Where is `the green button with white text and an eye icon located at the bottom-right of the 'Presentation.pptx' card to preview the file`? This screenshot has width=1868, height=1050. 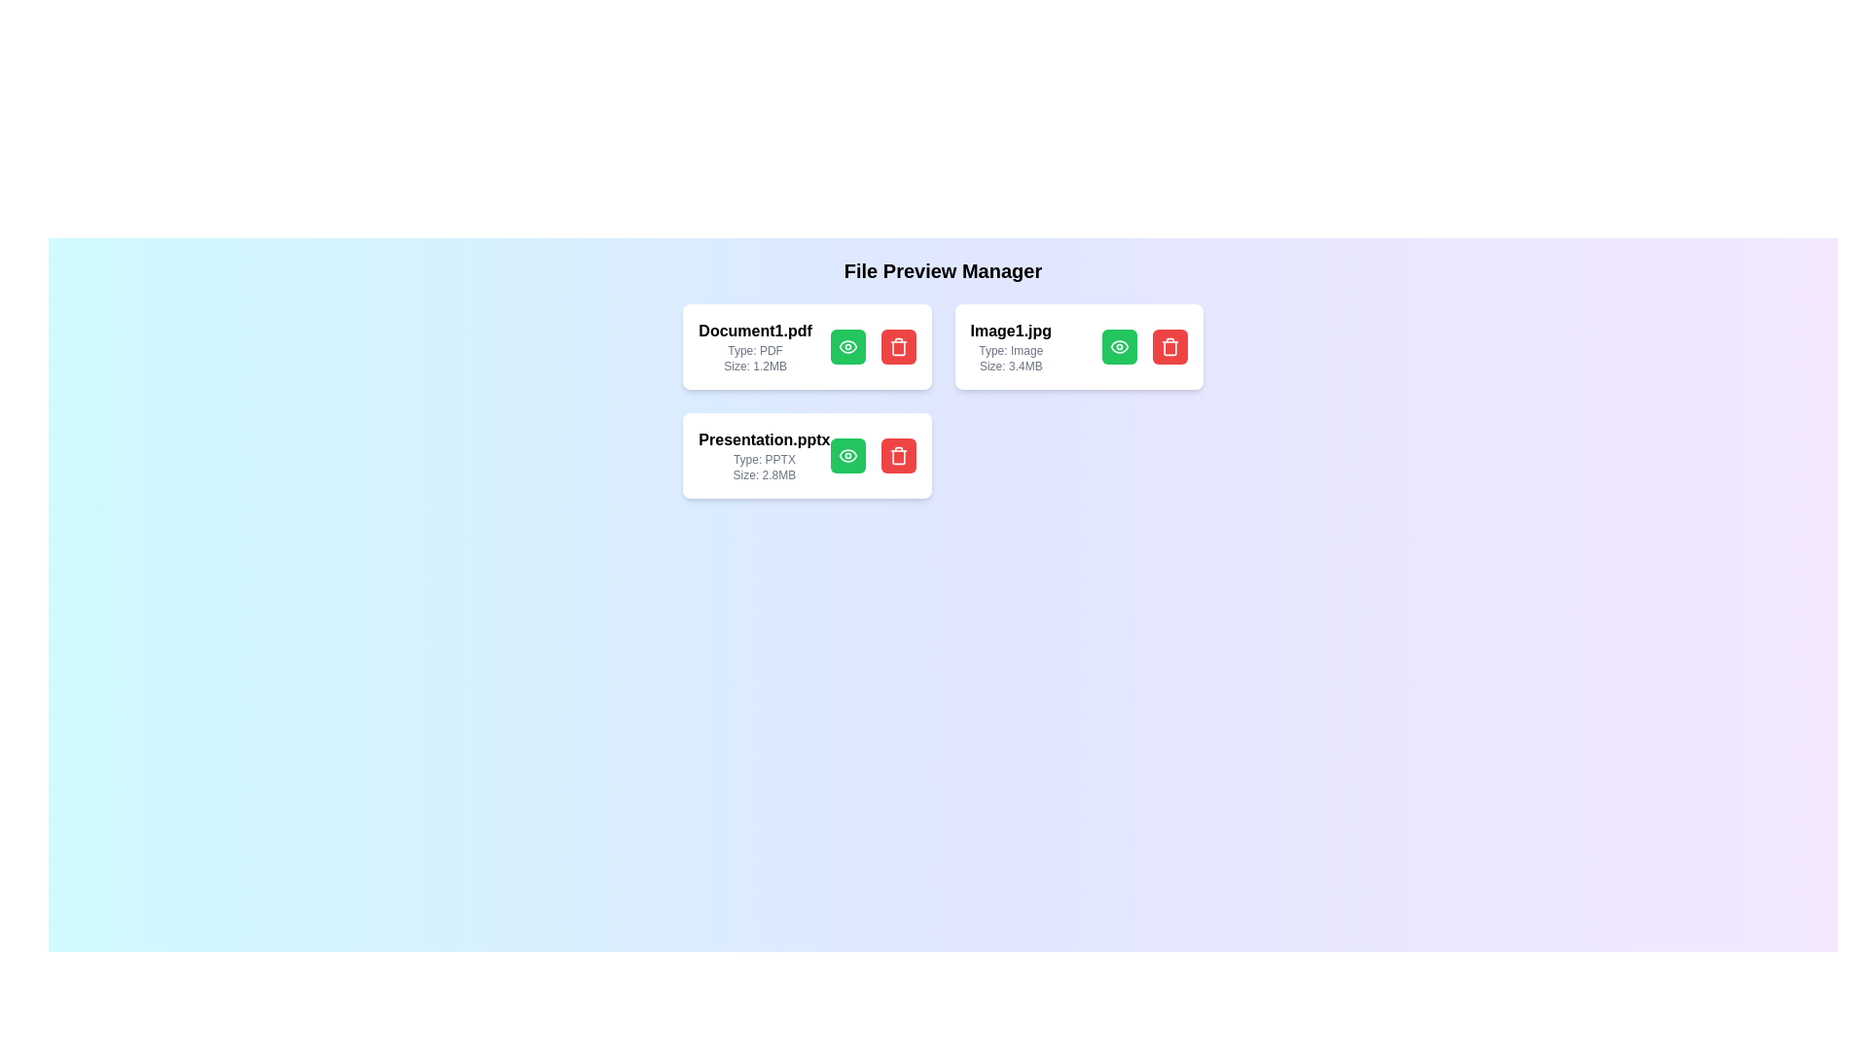 the green button with white text and an eye icon located at the bottom-right of the 'Presentation.pptx' card to preview the file is located at coordinates (847, 456).